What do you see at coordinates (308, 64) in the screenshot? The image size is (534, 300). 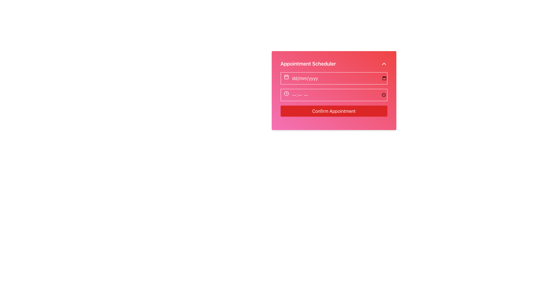 I see `headline that serves as the title for the section labeled 'Appointment Scheduler', which is centrally located at the top of its content layout` at bounding box center [308, 64].